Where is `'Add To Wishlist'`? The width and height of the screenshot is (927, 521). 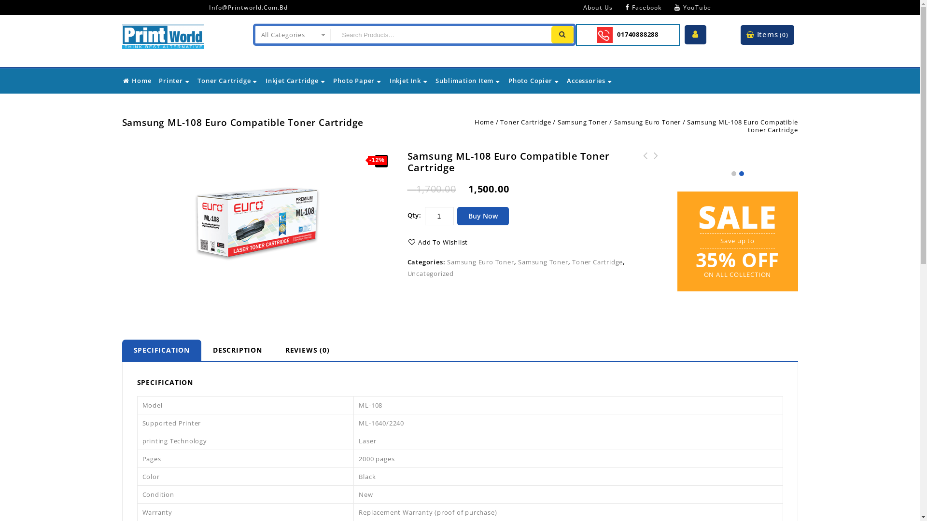
'Add To Wishlist' is located at coordinates (437, 241).